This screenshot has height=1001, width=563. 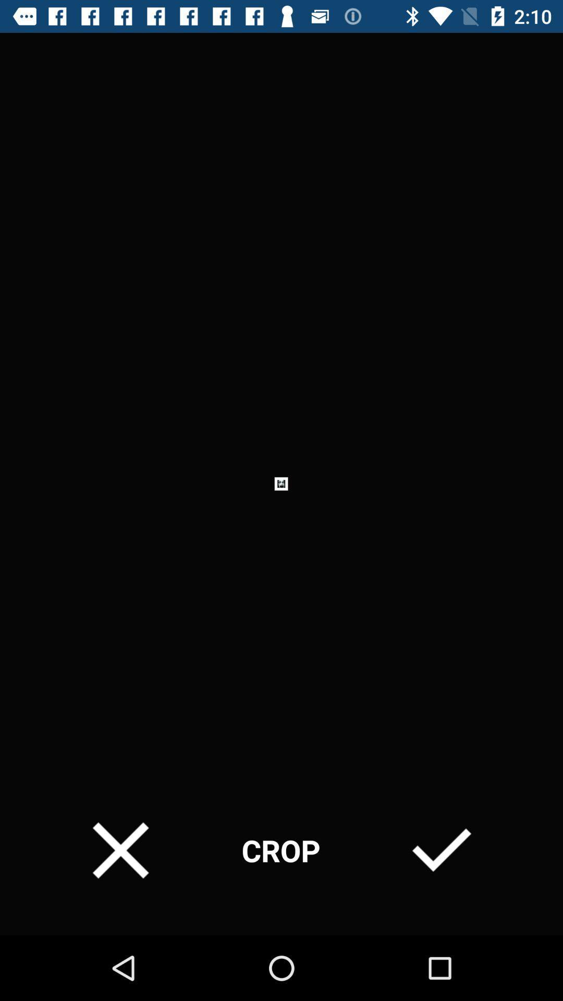 What do you see at coordinates (120, 850) in the screenshot?
I see `item at the bottom left corner` at bounding box center [120, 850].